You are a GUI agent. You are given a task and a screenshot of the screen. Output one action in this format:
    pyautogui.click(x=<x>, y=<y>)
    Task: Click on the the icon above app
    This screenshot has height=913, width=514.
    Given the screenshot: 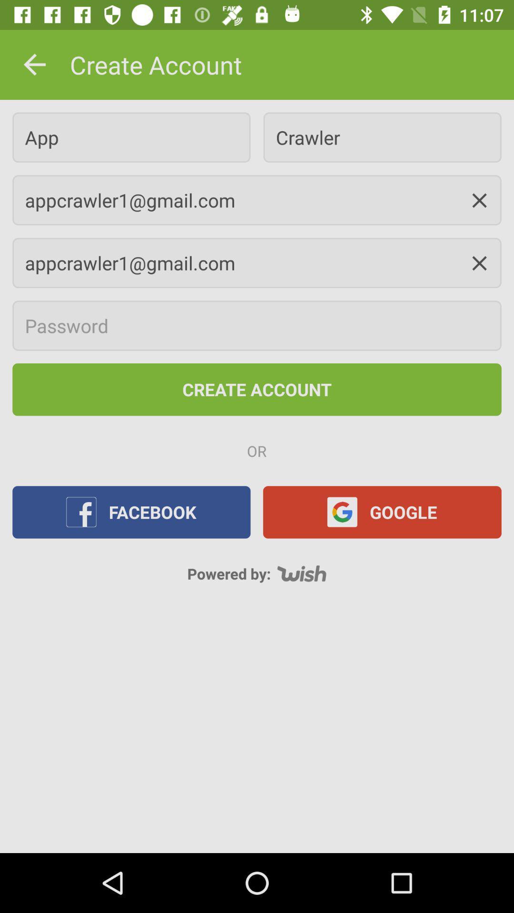 What is the action you would take?
    pyautogui.click(x=34, y=64)
    